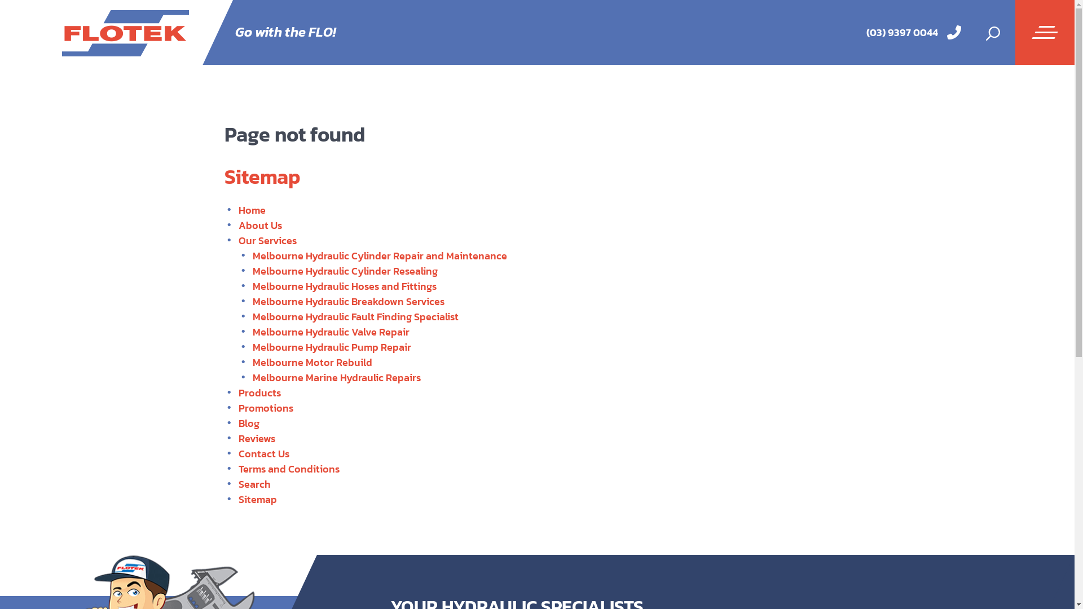 This screenshot has width=1083, height=609. Describe the element at coordinates (331, 346) in the screenshot. I see `'Melbourne Hydraulic Pump Repair'` at that location.